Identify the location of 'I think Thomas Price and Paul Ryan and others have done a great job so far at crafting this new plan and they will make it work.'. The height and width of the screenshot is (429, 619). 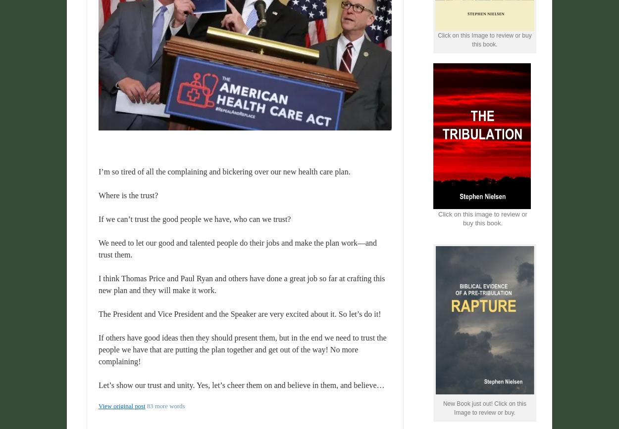
(241, 284).